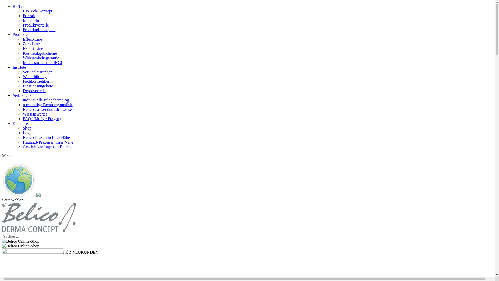 This screenshot has width=499, height=281. Describe the element at coordinates (37, 72) in the screenshot. I see `'Serviceleistungen'` at that location.